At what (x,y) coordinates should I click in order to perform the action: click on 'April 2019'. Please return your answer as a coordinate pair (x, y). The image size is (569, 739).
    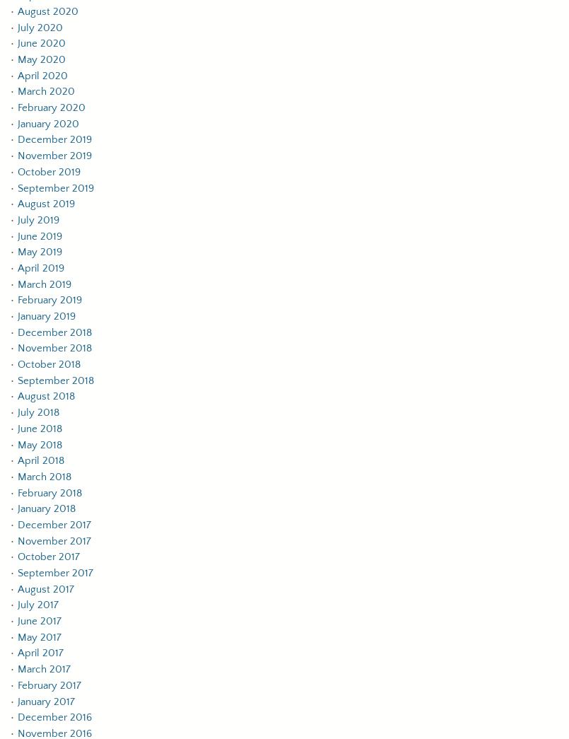
    Looking at the image, I should click on (18, 267).